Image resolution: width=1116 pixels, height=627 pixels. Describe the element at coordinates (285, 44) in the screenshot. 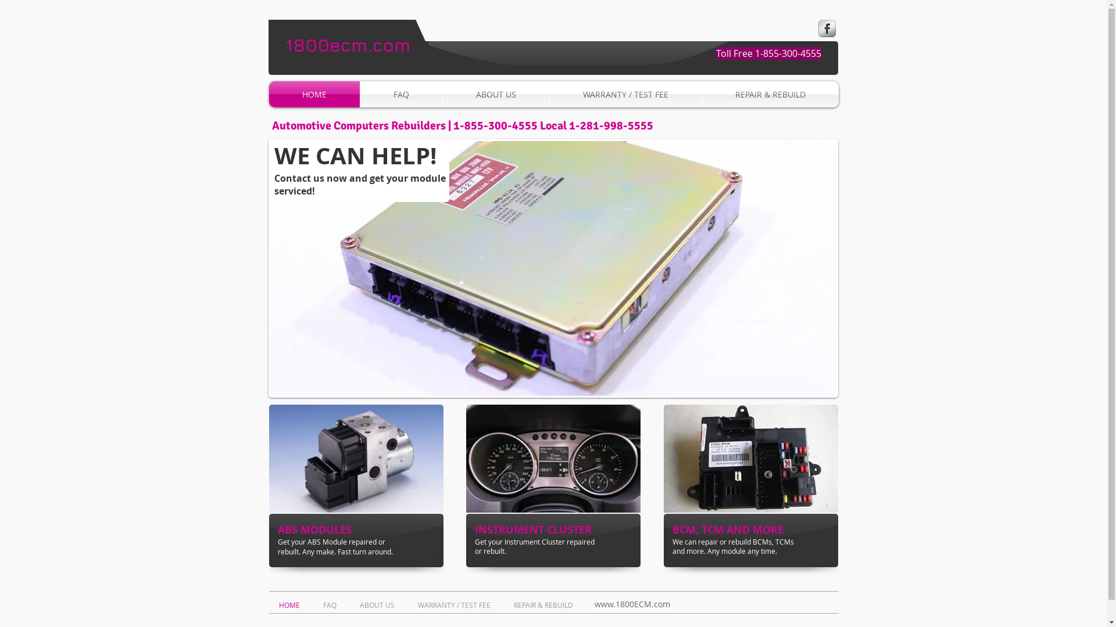

I see `'1800ecm.com'` at that location.